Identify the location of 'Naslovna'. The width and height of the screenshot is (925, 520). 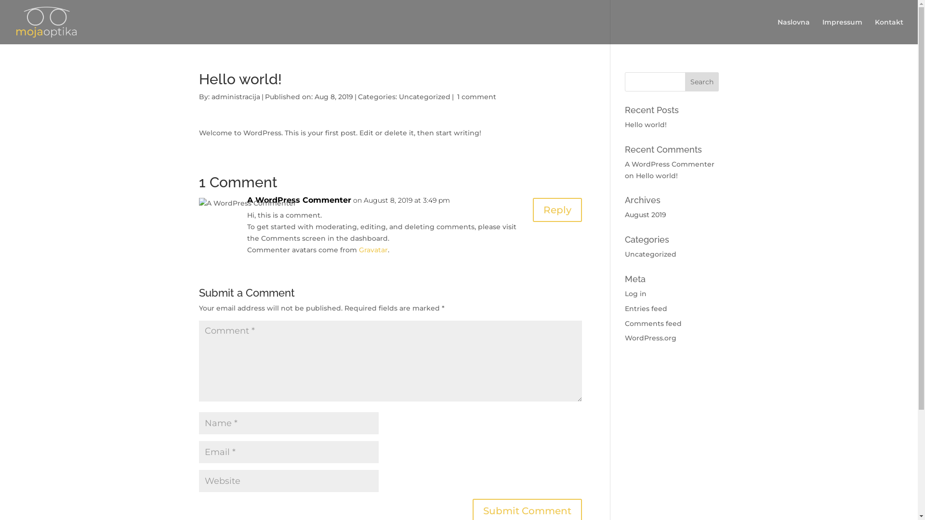
(793, 31).